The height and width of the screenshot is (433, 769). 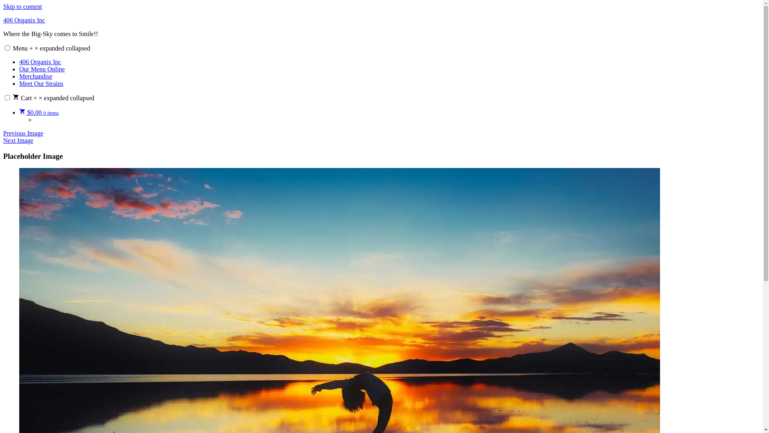 What do you see at coordinates (24, 20) in the screenshot?
I see `'406 Organix Inc'` at bounding box center [24, 20].